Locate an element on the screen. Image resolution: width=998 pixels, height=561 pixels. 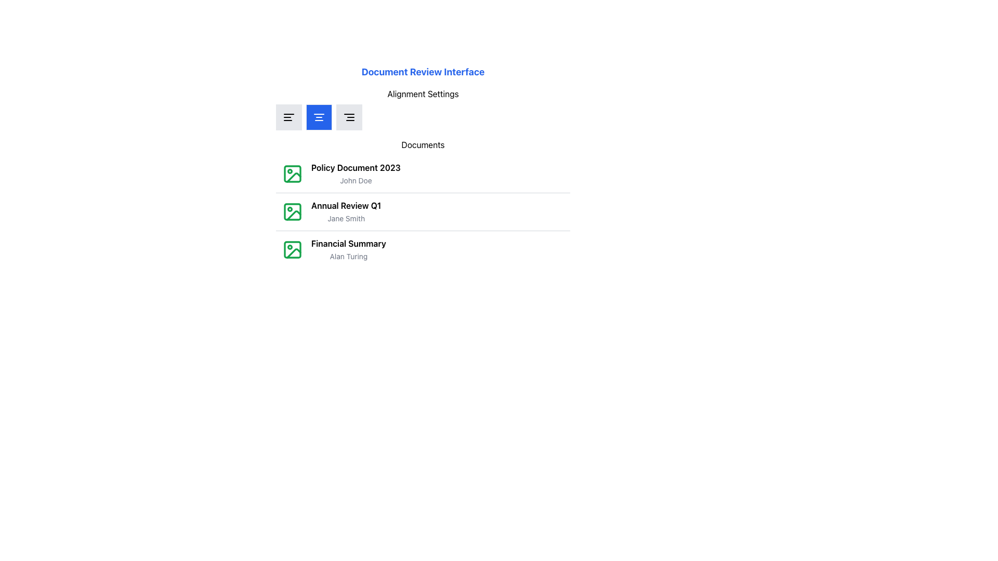
the document title text label located in the first row of the document list, which serves as a contextual title for the document is located at coordinates (356, 167).